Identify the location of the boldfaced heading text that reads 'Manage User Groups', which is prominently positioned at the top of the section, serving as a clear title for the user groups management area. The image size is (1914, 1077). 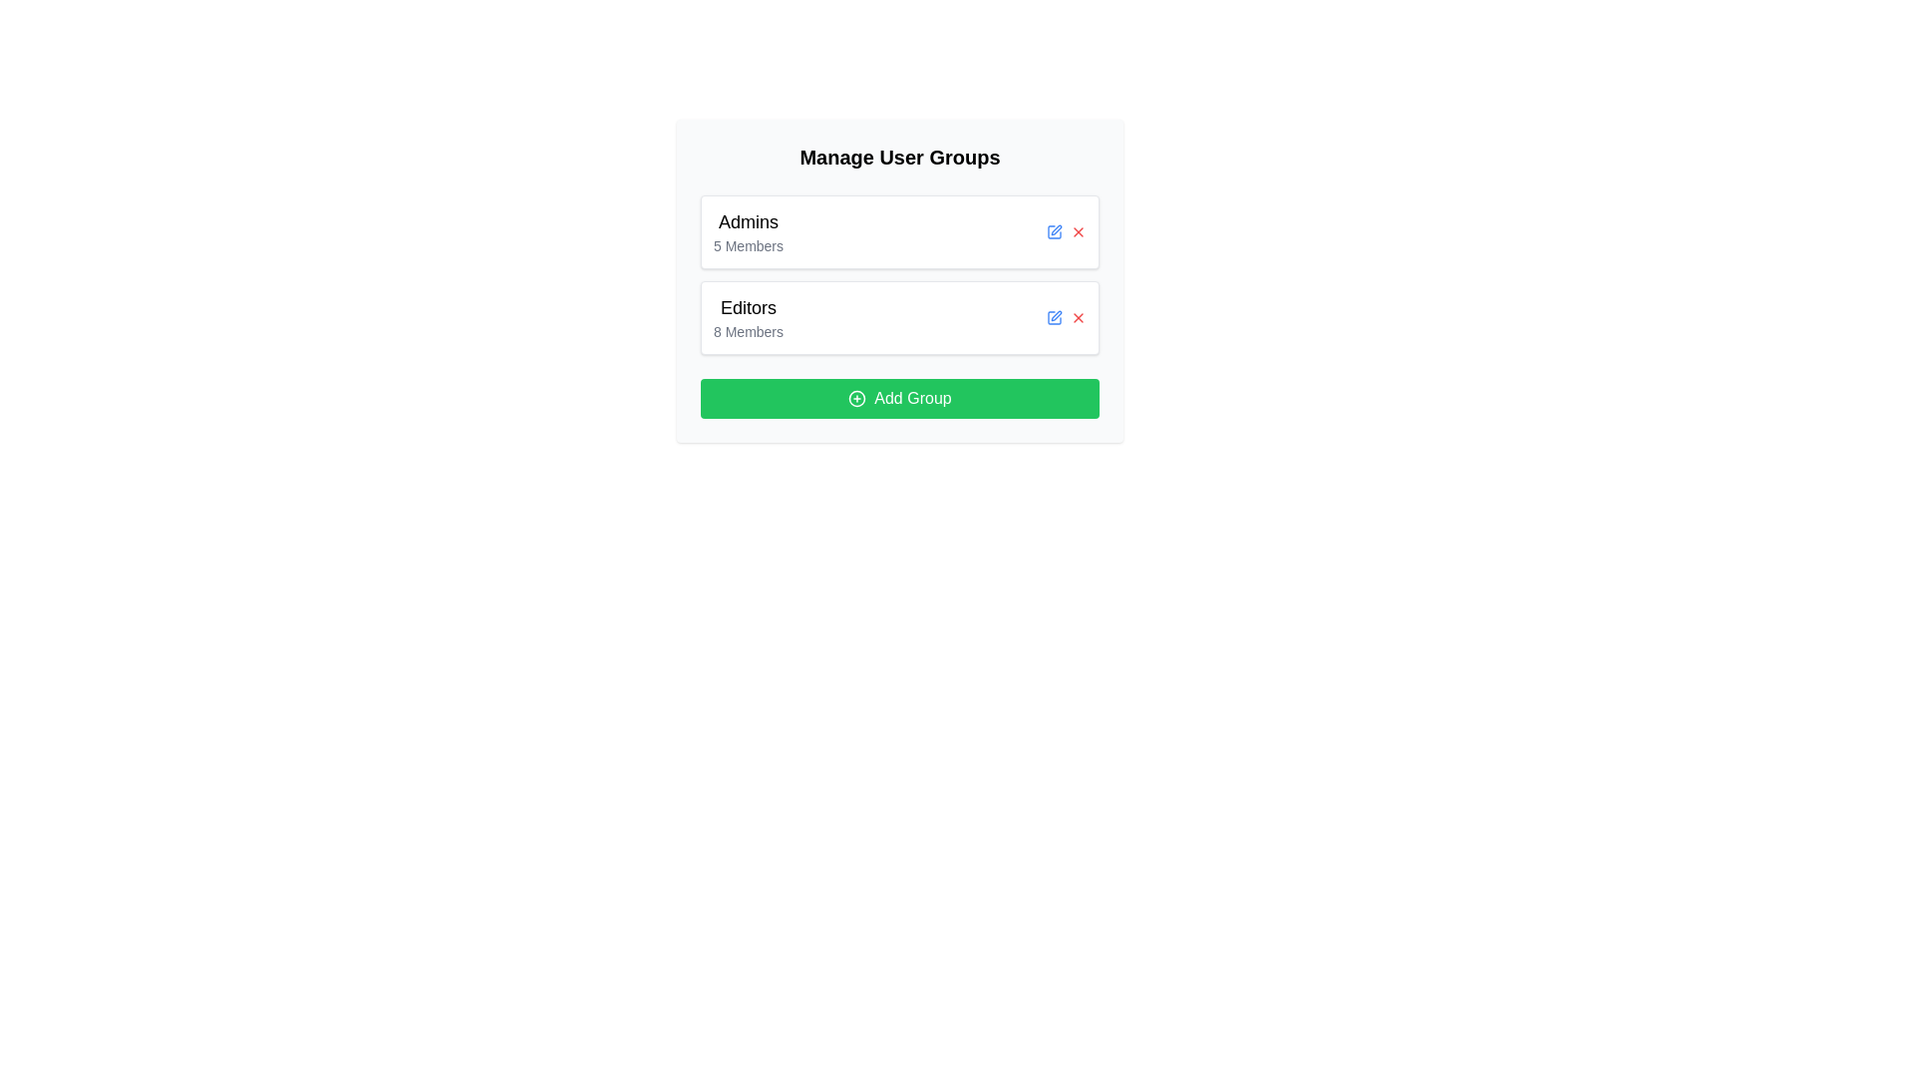
(898, 157).